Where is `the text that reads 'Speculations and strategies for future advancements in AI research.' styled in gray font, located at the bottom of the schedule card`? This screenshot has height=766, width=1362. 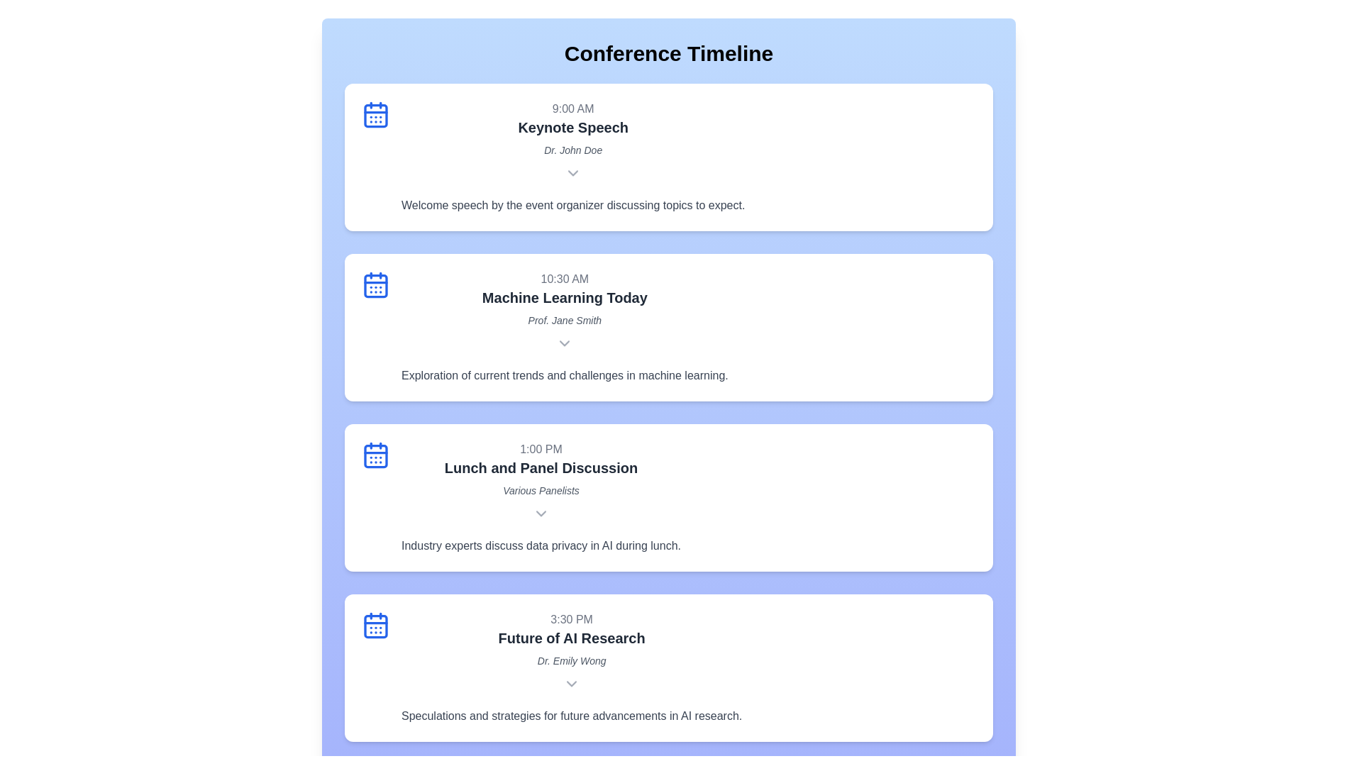
the text that reads 'Speculations and strategies for future advancements in AI research.' styled in gray font, located at the bottom of the schedule card is located at coordinates (572, 716).